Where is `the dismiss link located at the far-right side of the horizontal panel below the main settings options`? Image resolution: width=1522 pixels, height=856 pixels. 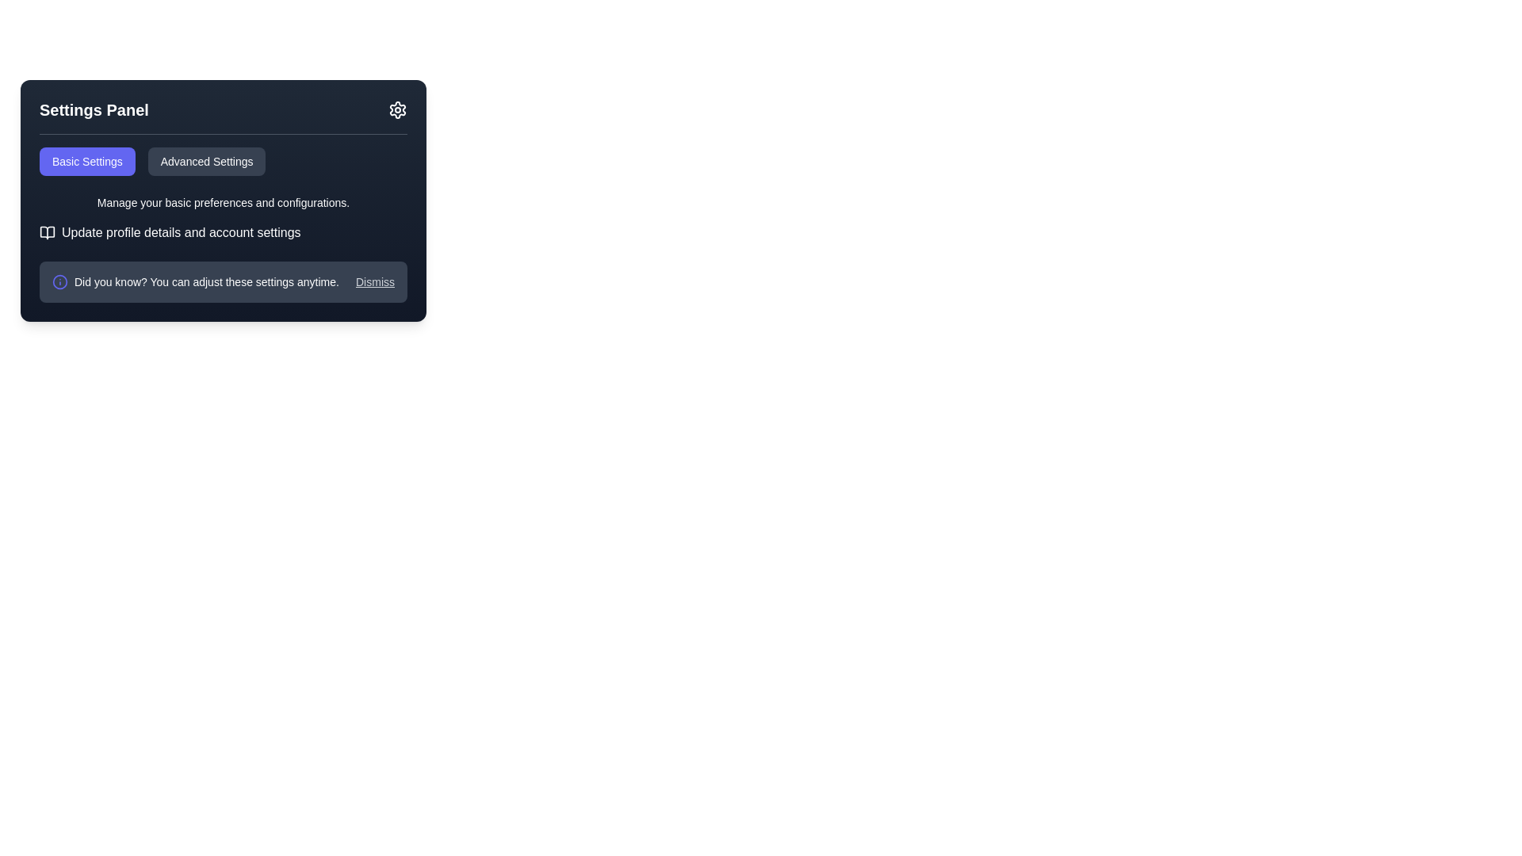 the dismiss link located at the far-right side of the horizontal panel below the main settings options is located at coordinates (374, 281).